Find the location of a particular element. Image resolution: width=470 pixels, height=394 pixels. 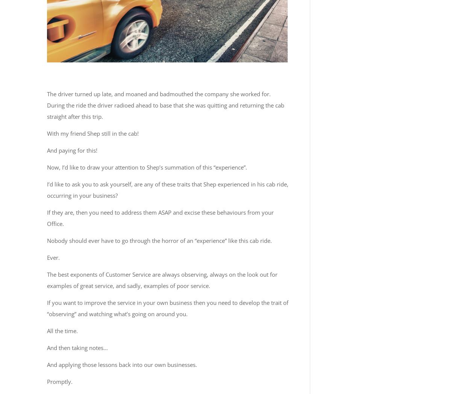

'If you want to improve the service in your own business then you need to develop the trait of “observing” and watching what’s going on around you.' is located at coordinates (167, 308).